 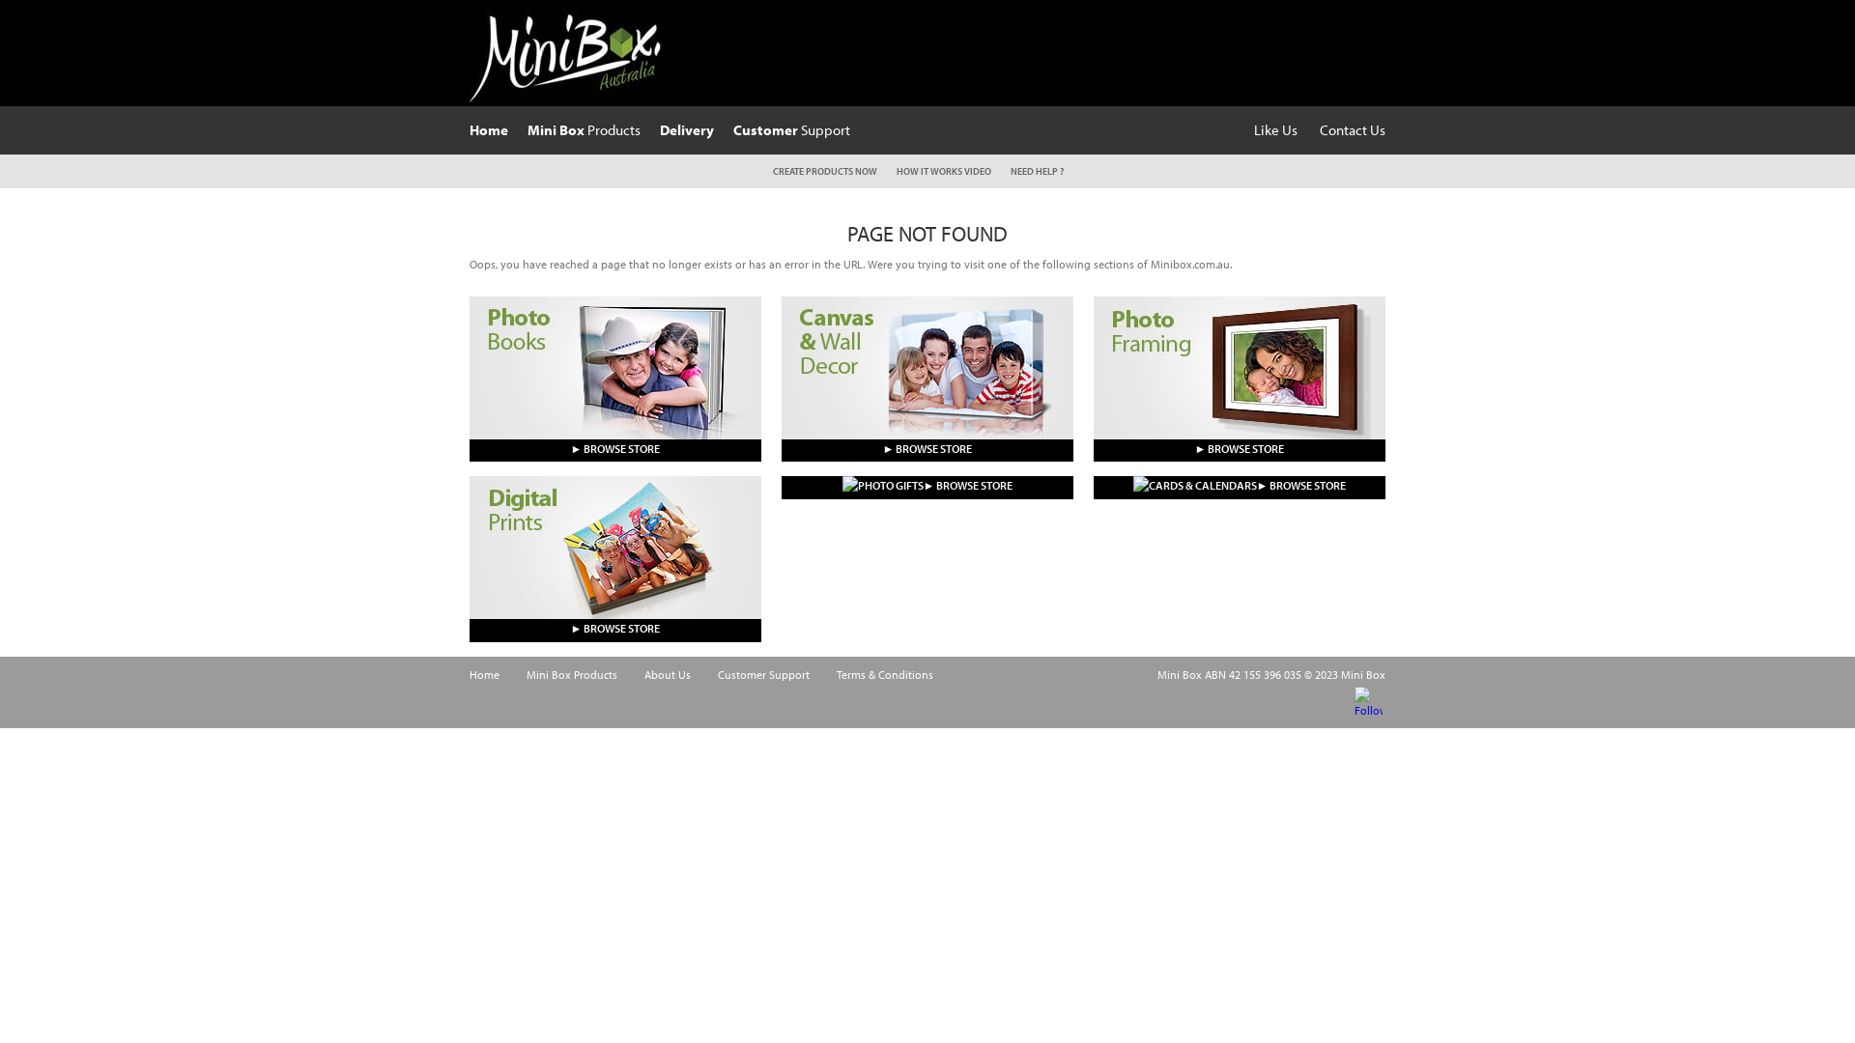 I want to click on 'CREATE PRODUCTS NOW', so click(x=825, y=170).